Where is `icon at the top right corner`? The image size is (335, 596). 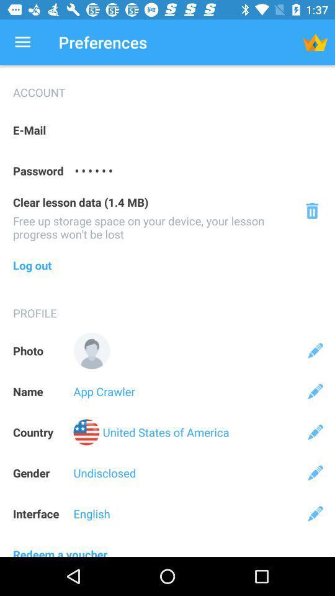
icon at the top right corner is located at coordinates (315, 42).